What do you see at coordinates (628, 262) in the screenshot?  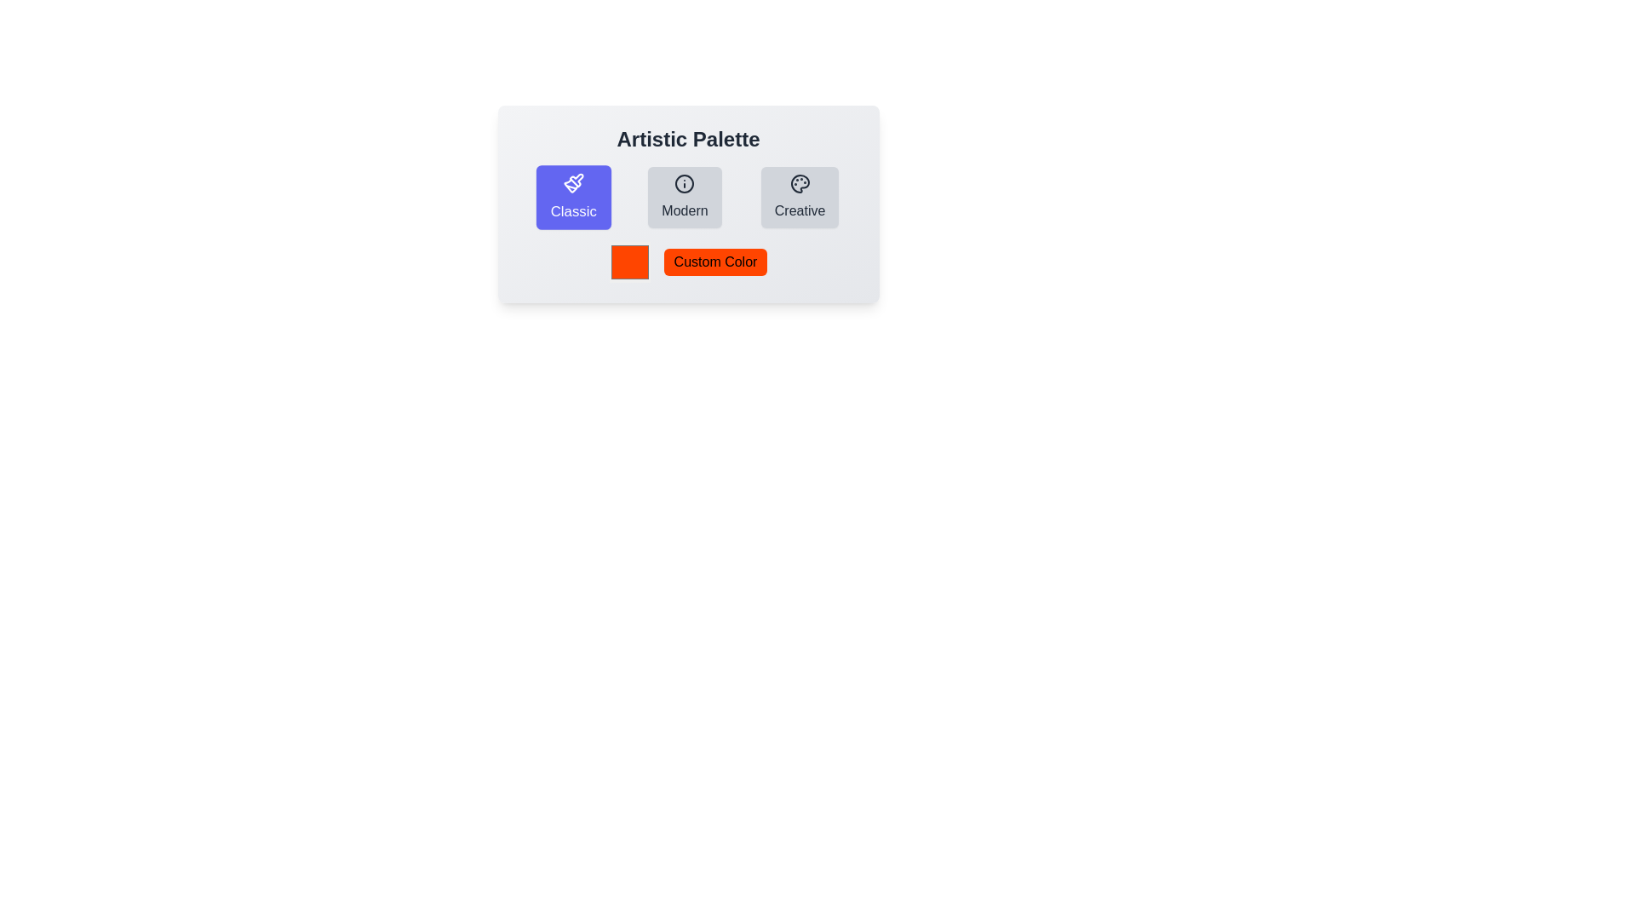 I see `the color picker to open the color selection dialog` at bounding box center [628, 262].